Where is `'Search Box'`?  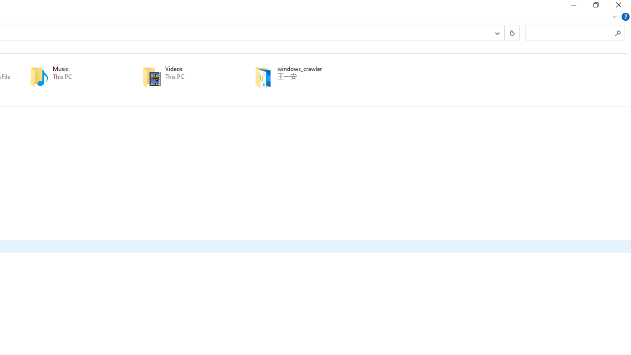 'Search Box' is located at coordinates (570, 32).